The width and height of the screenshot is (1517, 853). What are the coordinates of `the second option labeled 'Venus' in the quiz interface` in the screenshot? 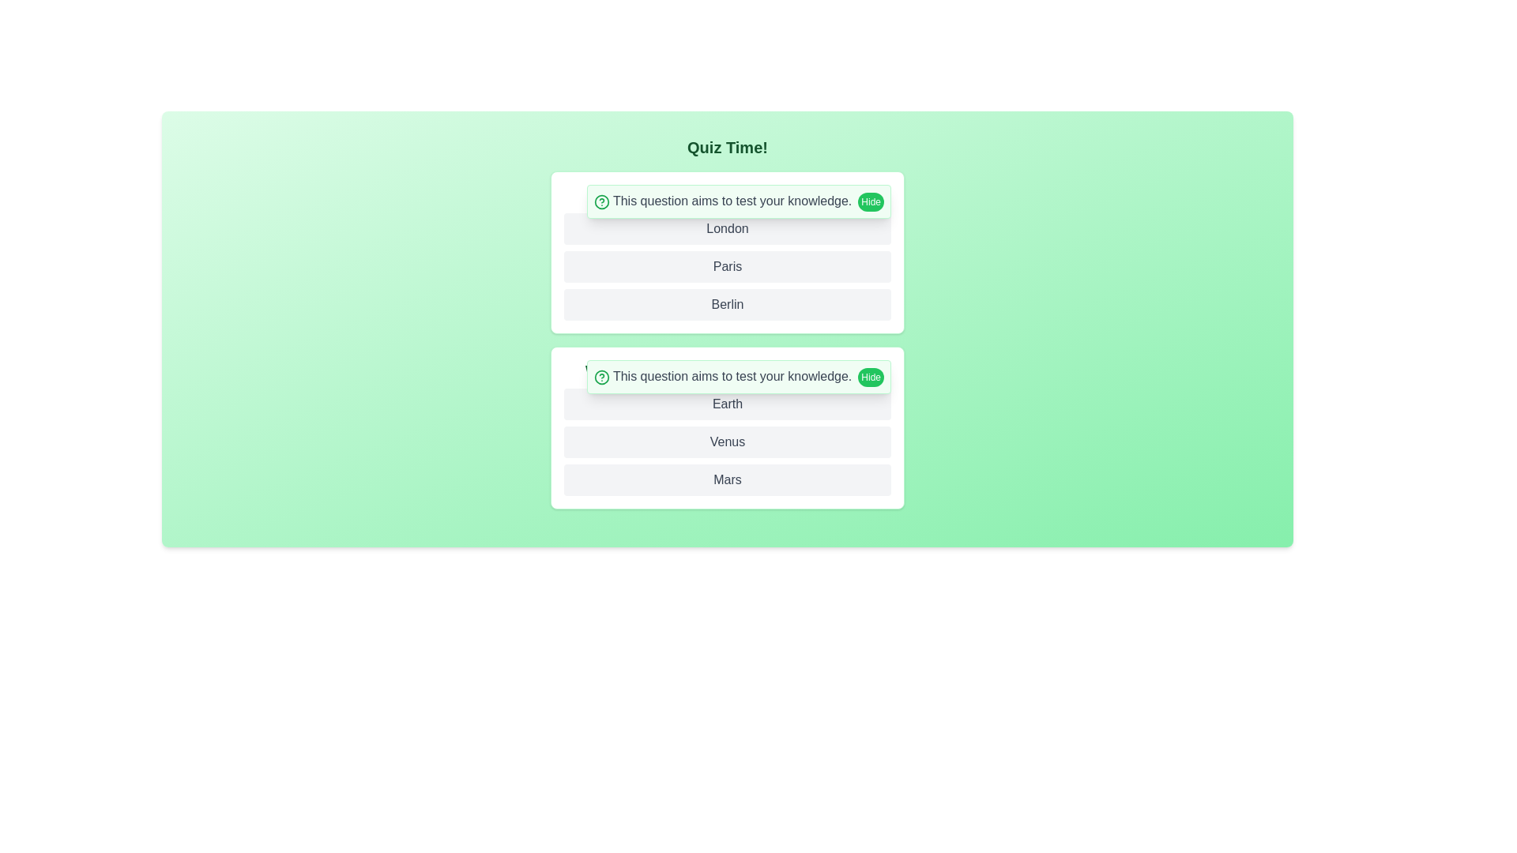 It's located at (727, 442).